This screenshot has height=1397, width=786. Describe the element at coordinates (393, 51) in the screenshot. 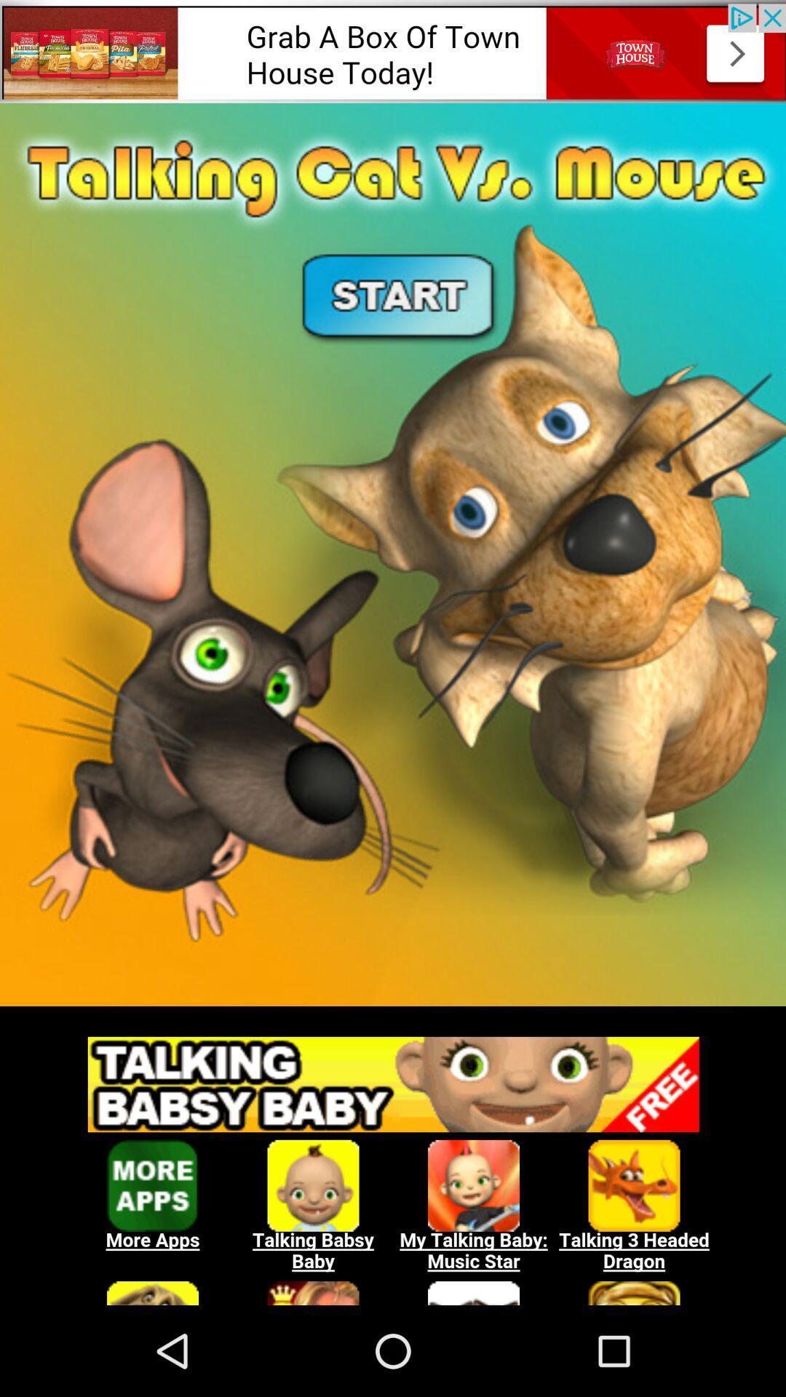

I see `advertisement` at that location.